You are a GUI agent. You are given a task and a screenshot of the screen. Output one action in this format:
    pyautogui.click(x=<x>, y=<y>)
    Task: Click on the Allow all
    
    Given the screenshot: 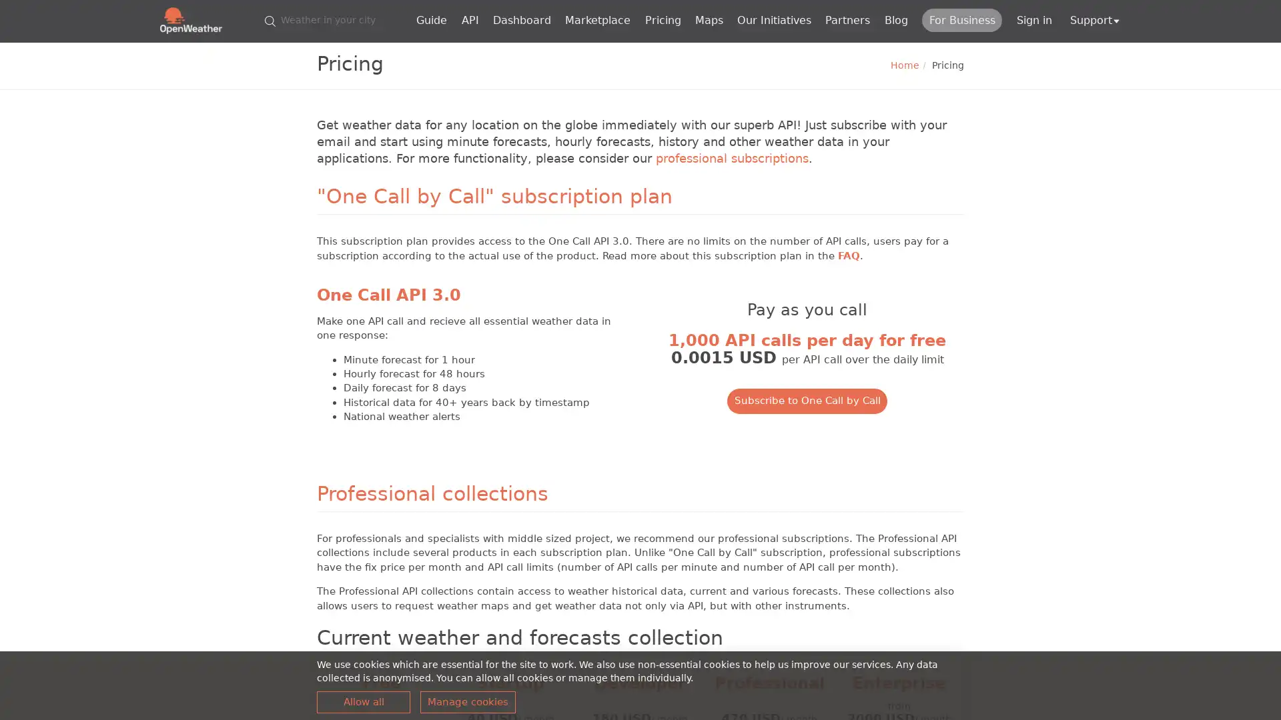 What is the action you would take?
    pyautogui.click(x=364, y=701)
    